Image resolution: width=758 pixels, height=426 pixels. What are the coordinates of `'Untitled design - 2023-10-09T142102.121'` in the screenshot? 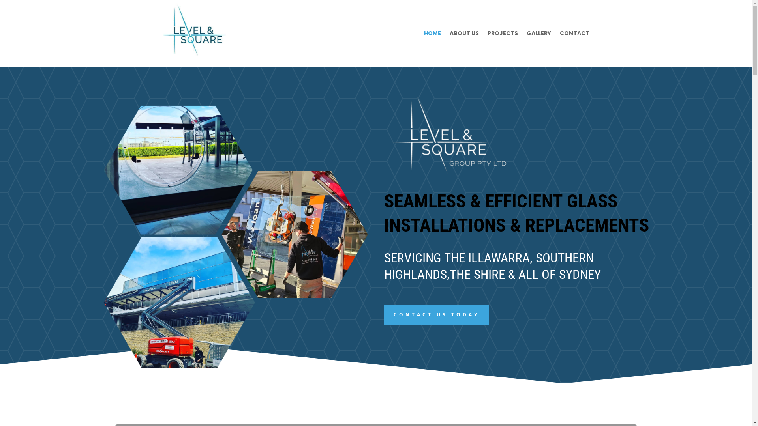 It's located at (463, 133).